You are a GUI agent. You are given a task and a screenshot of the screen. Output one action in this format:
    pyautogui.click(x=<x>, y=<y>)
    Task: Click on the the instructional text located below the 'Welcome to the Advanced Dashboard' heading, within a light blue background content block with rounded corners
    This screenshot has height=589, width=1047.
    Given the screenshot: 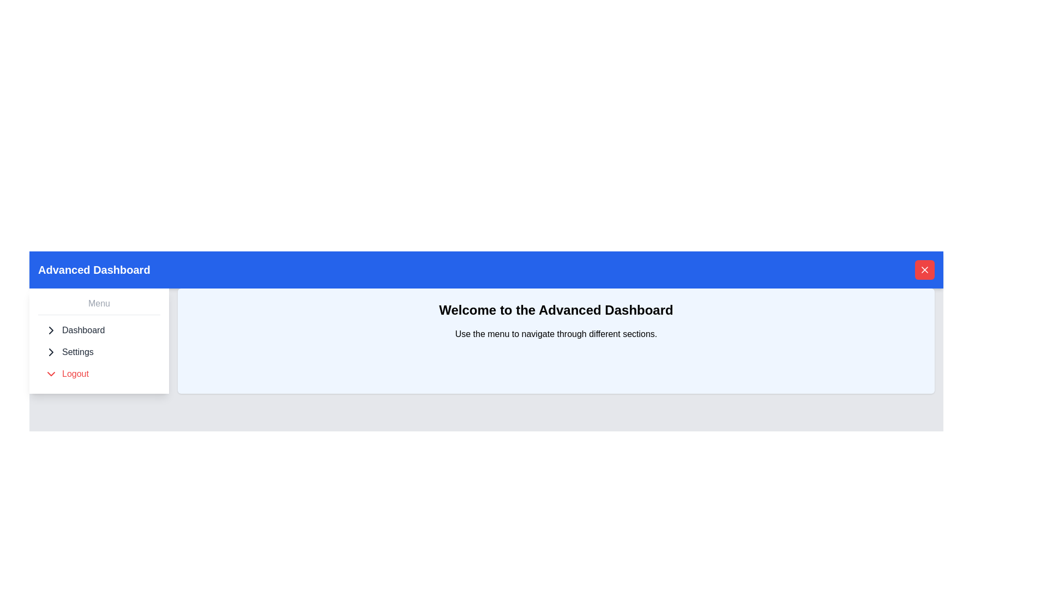 What is the action you would take?
    pyautogui.click(x=556, y=334)
    